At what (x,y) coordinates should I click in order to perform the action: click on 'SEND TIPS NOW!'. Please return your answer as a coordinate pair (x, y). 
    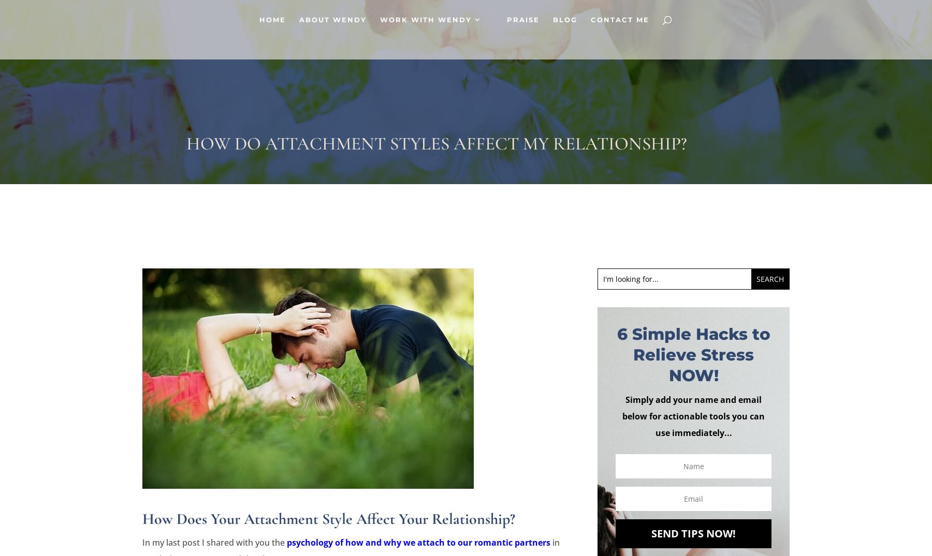
    Looking at the image, I should click on (651, 533).